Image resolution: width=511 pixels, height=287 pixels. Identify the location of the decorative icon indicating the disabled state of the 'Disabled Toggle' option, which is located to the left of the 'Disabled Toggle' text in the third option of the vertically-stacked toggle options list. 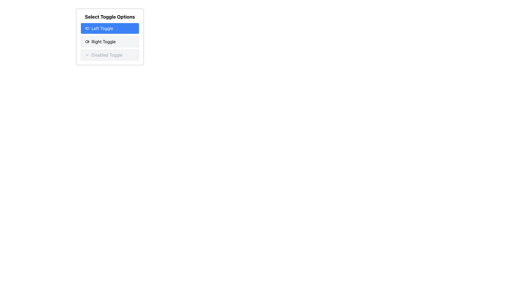
(87, 55).